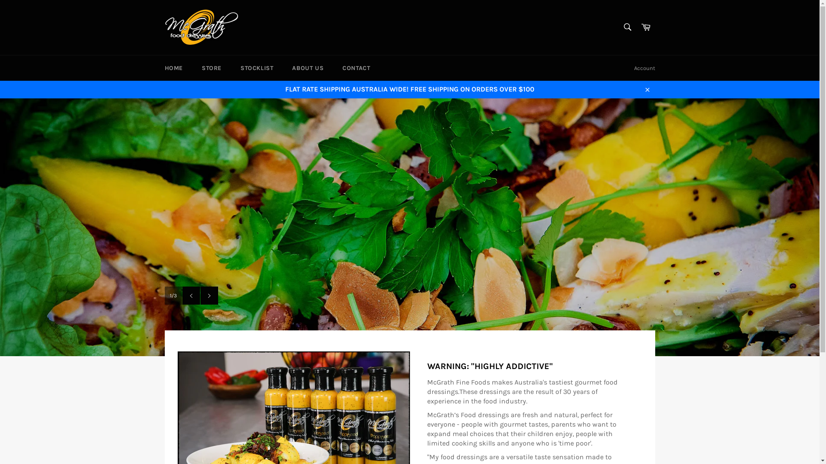  Describe the element at coordinates (209, 295) in the screenshot. I see `'Next slide'` at that location.